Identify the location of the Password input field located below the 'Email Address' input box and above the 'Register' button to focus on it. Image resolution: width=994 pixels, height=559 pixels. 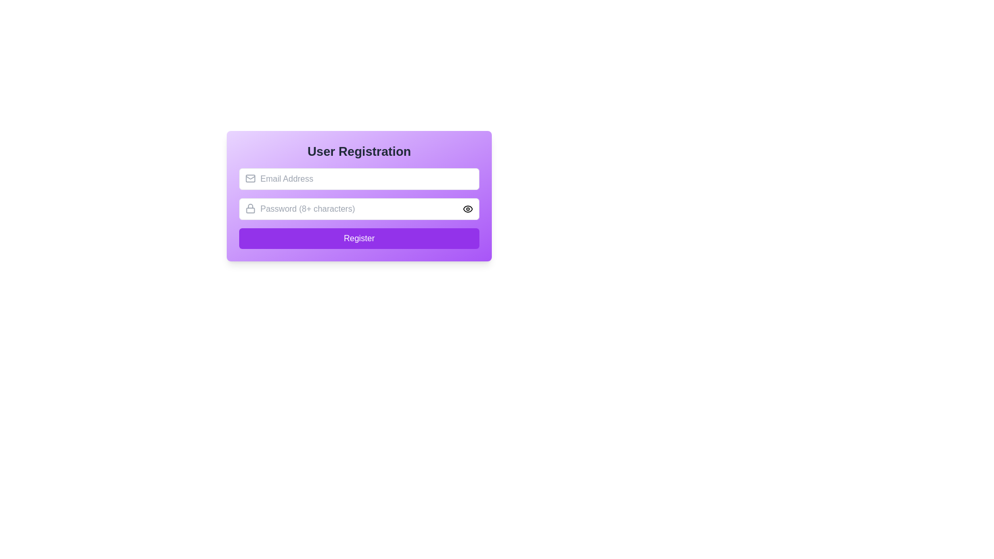
(359, 209).